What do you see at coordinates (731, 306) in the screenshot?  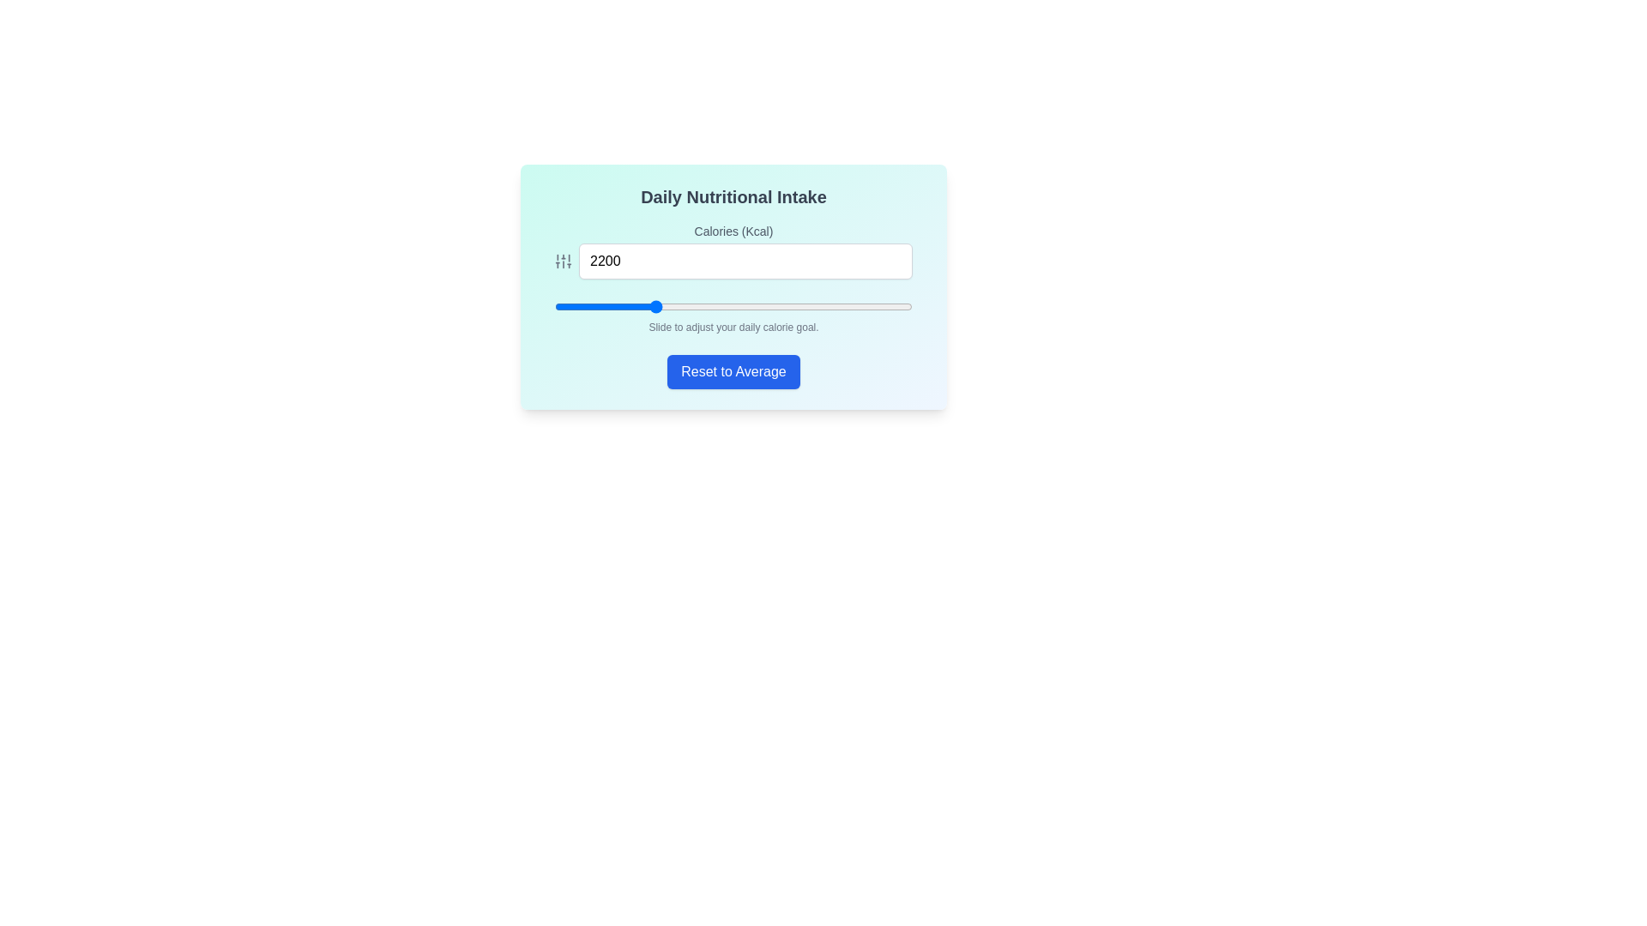 I see `daily calorie intake goal` at bounding box center [731, 306].